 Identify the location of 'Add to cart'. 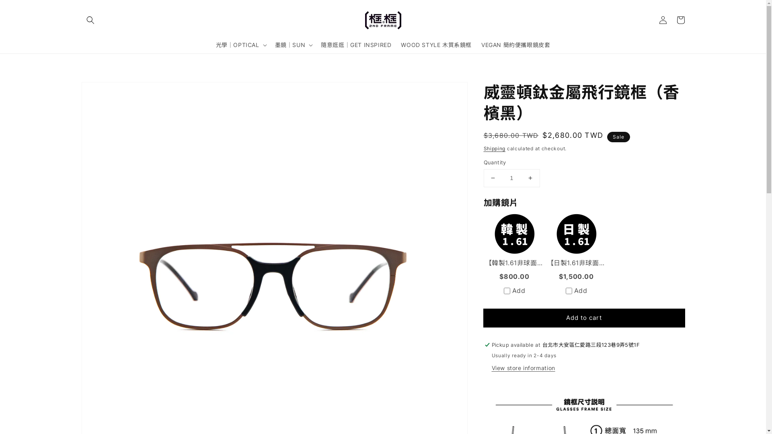
(584, 317).